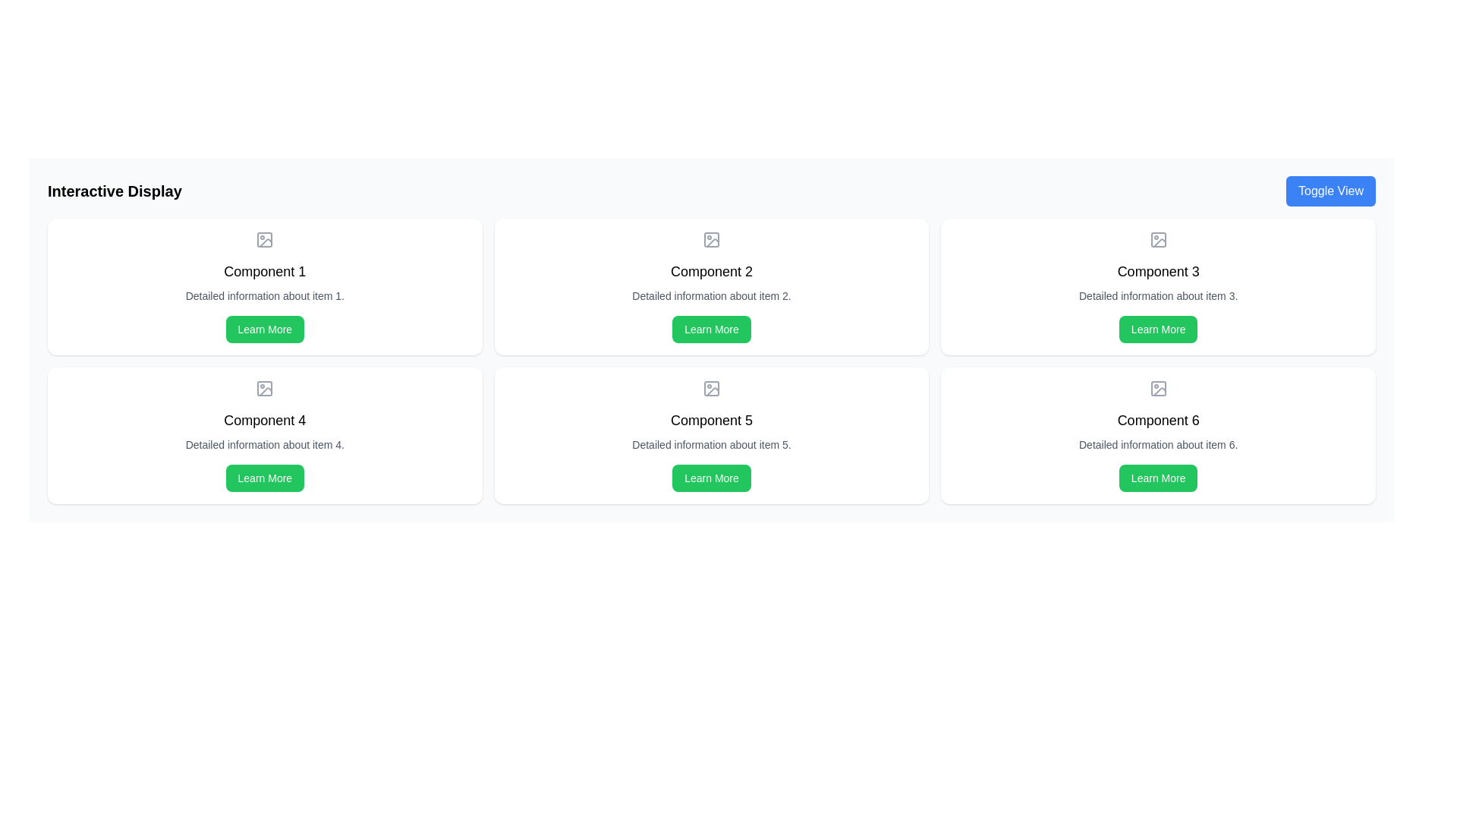  I want to click on the button located at the bottom center of the 'Component 6' card, so click(1157, 477).